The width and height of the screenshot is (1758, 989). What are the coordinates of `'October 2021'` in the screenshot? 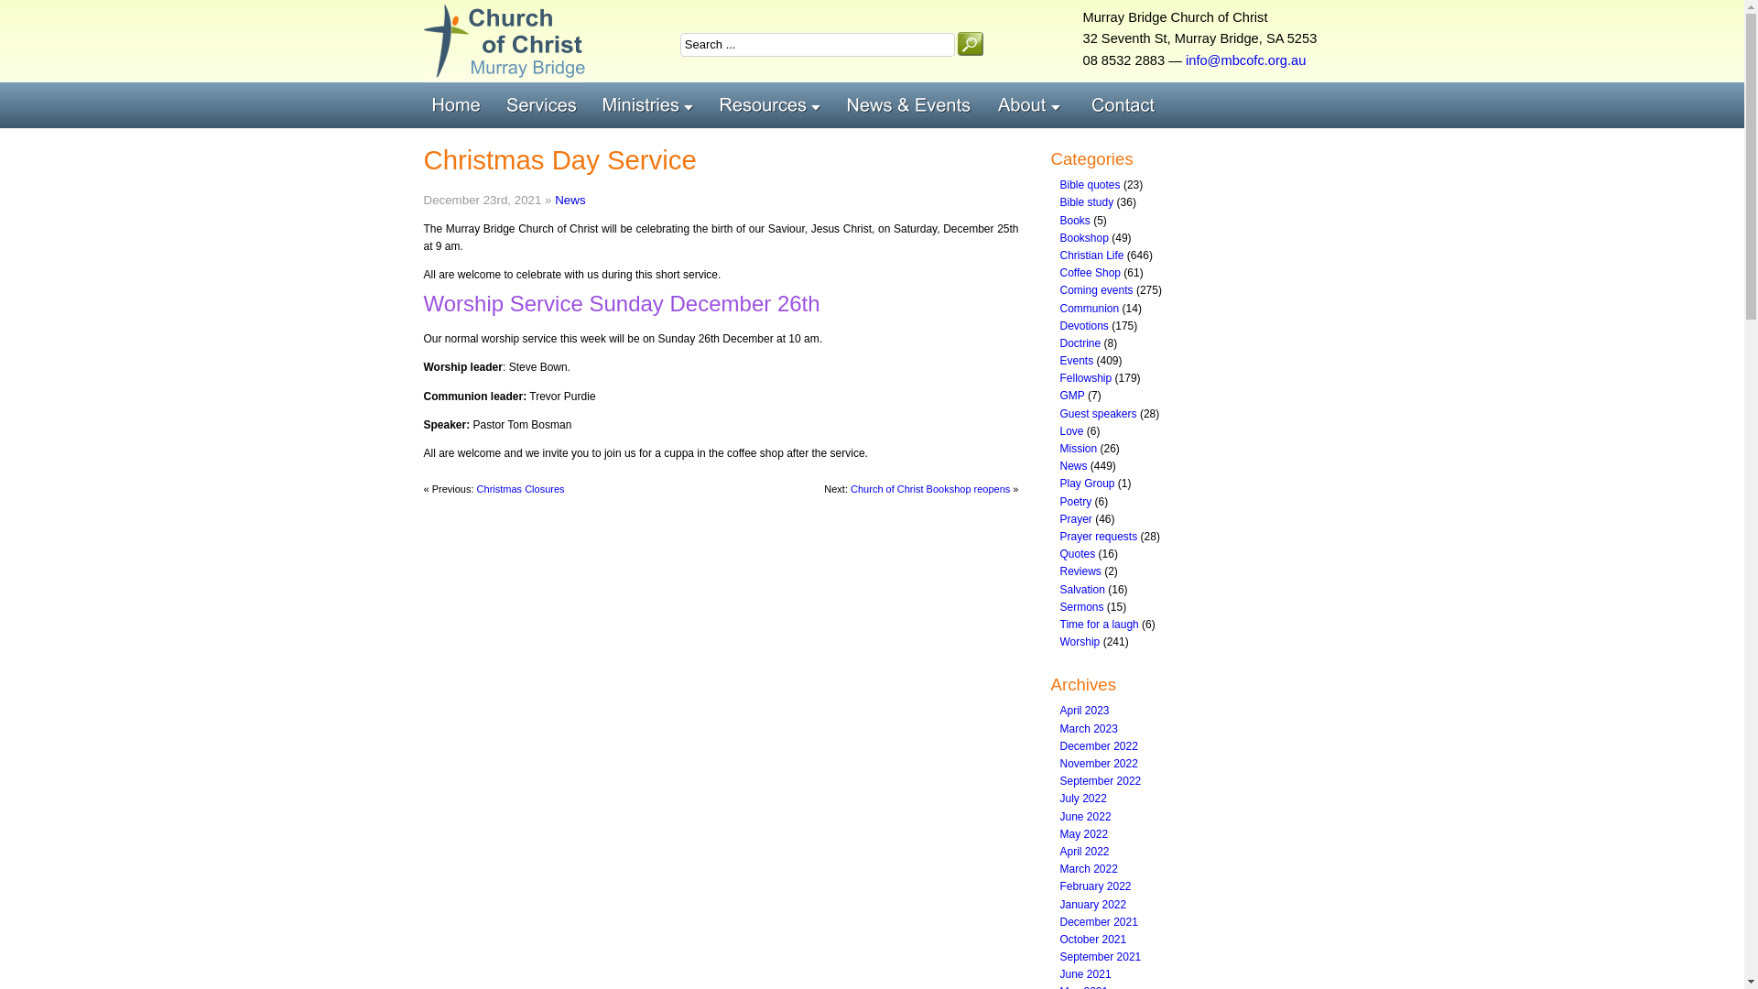 It's located at (1093, 940).